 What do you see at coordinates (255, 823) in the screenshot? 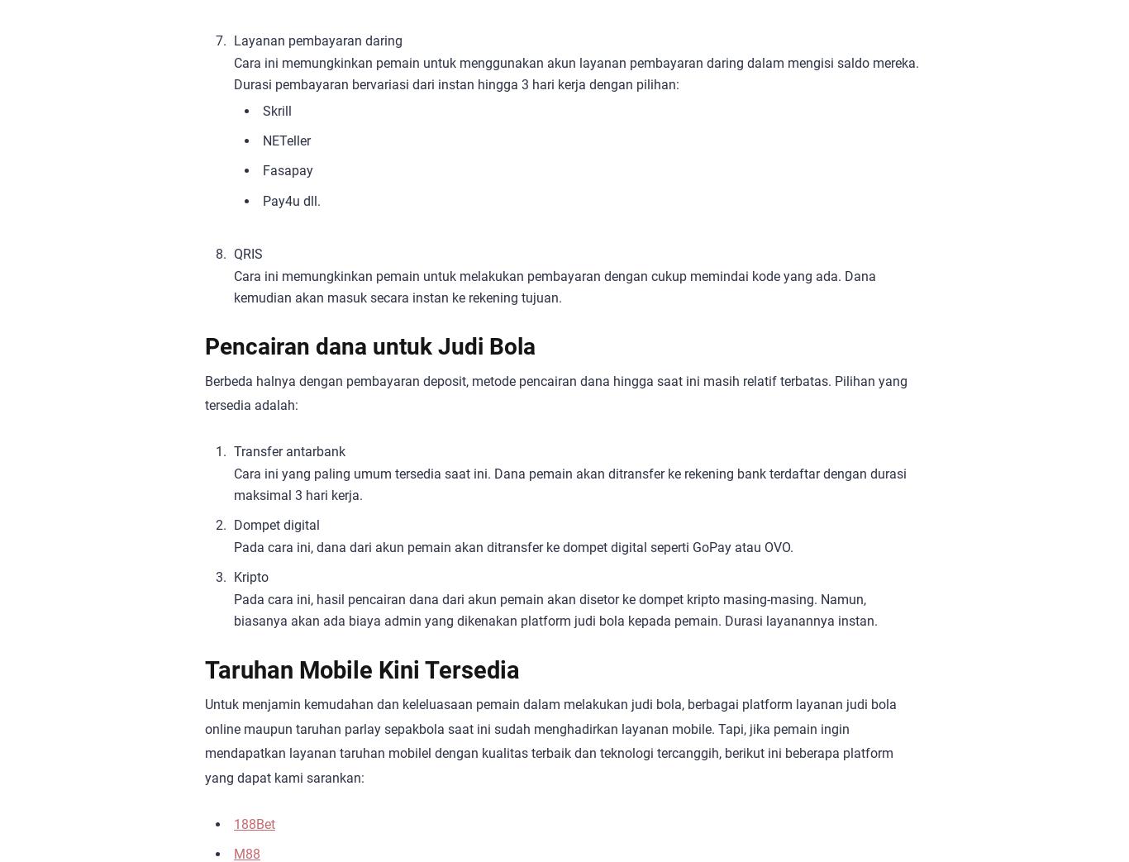
I see `'188Bet'` at bounding box center [255, 823].